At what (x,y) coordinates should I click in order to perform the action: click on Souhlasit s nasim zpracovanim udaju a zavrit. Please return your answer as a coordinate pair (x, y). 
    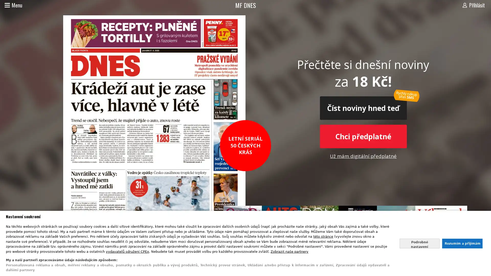
    Looking at the image, I should click on (462, 243).